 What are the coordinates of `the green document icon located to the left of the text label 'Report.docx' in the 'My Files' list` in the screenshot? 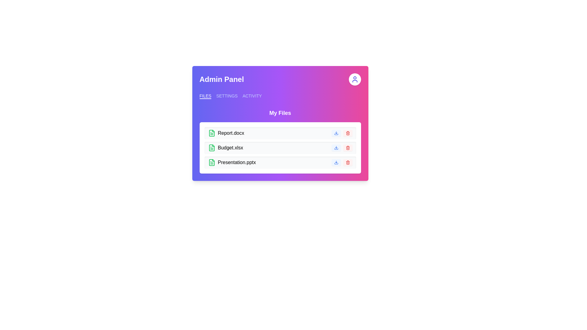 It's located at (212, 133).